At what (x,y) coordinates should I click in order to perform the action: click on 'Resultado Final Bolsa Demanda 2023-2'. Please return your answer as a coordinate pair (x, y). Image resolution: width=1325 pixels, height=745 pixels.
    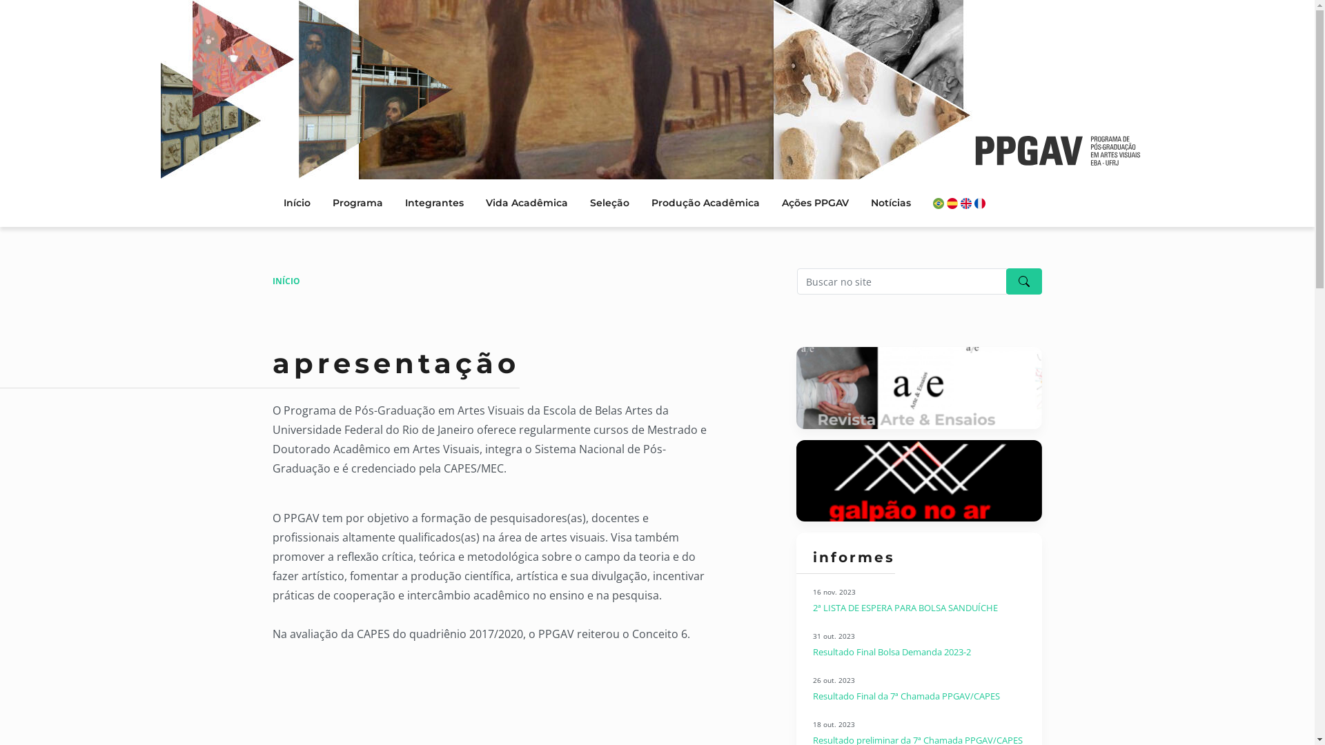
    Looking at the image, I should click on (892, 652).